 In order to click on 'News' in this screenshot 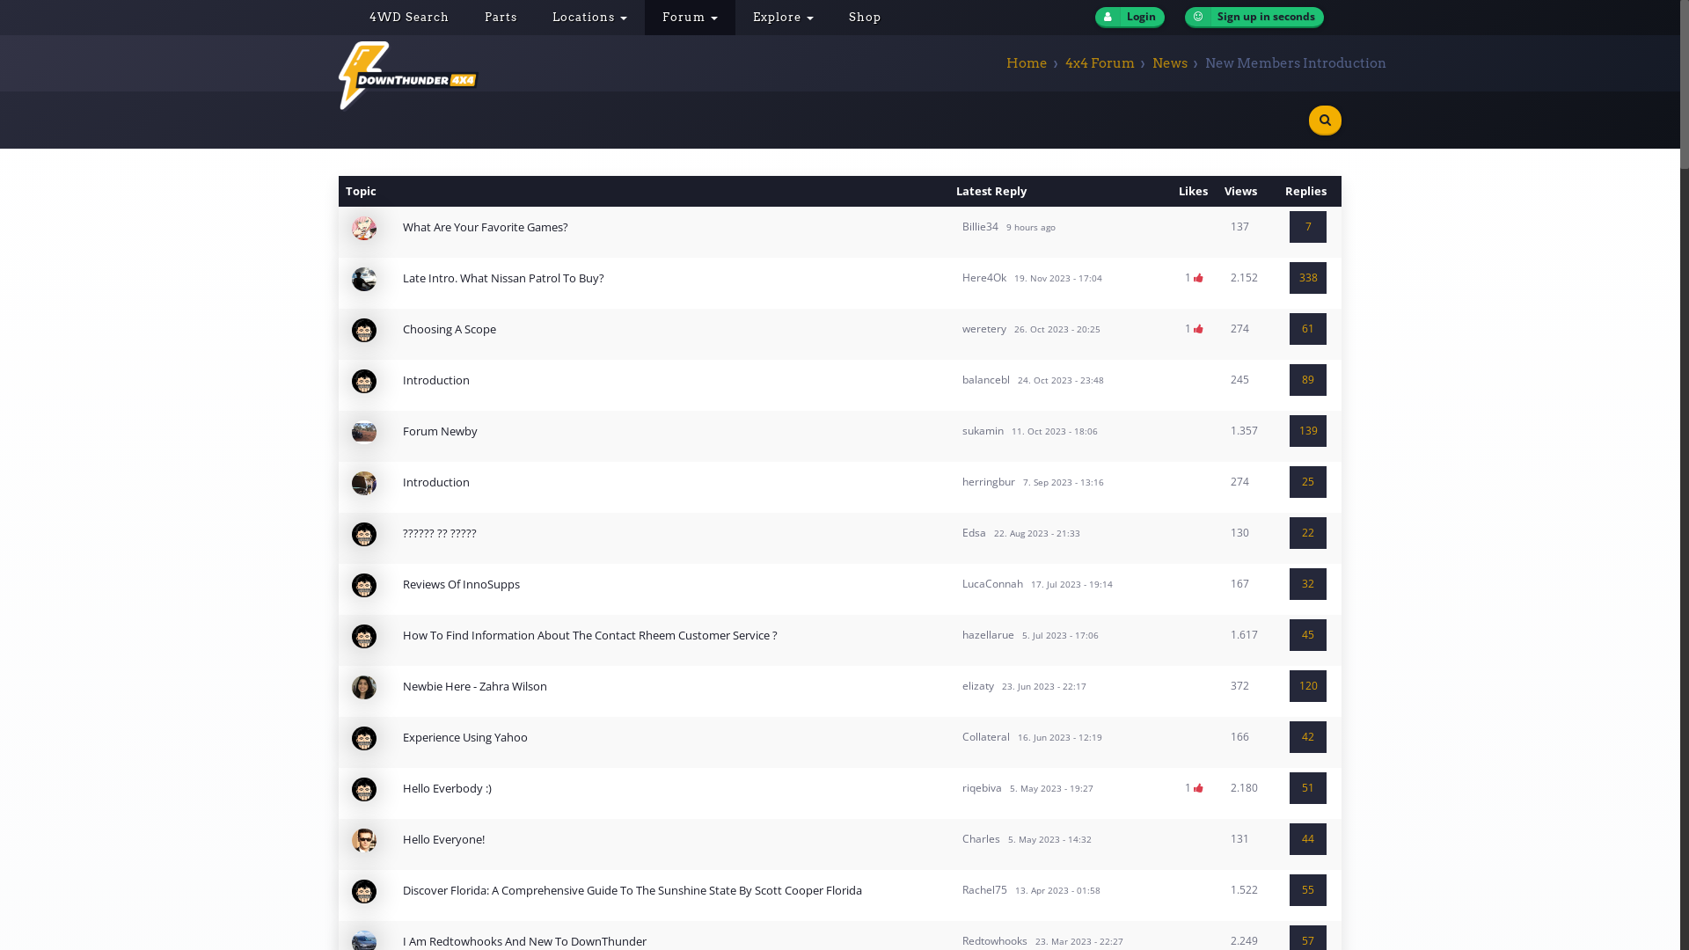, I will do `click(1169, 62)`.